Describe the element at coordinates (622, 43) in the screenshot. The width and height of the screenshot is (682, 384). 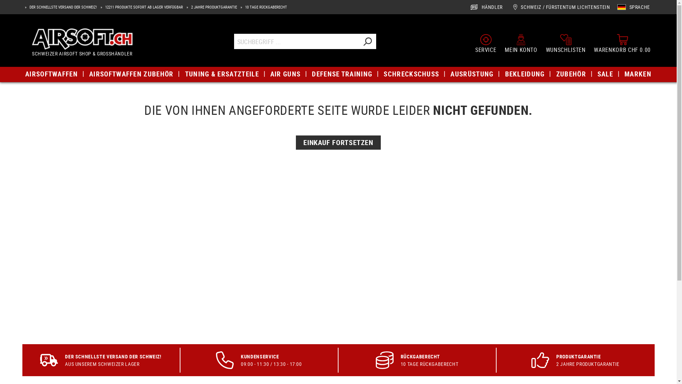
I see `'WARENKORB CHF 0.00'` at that location.